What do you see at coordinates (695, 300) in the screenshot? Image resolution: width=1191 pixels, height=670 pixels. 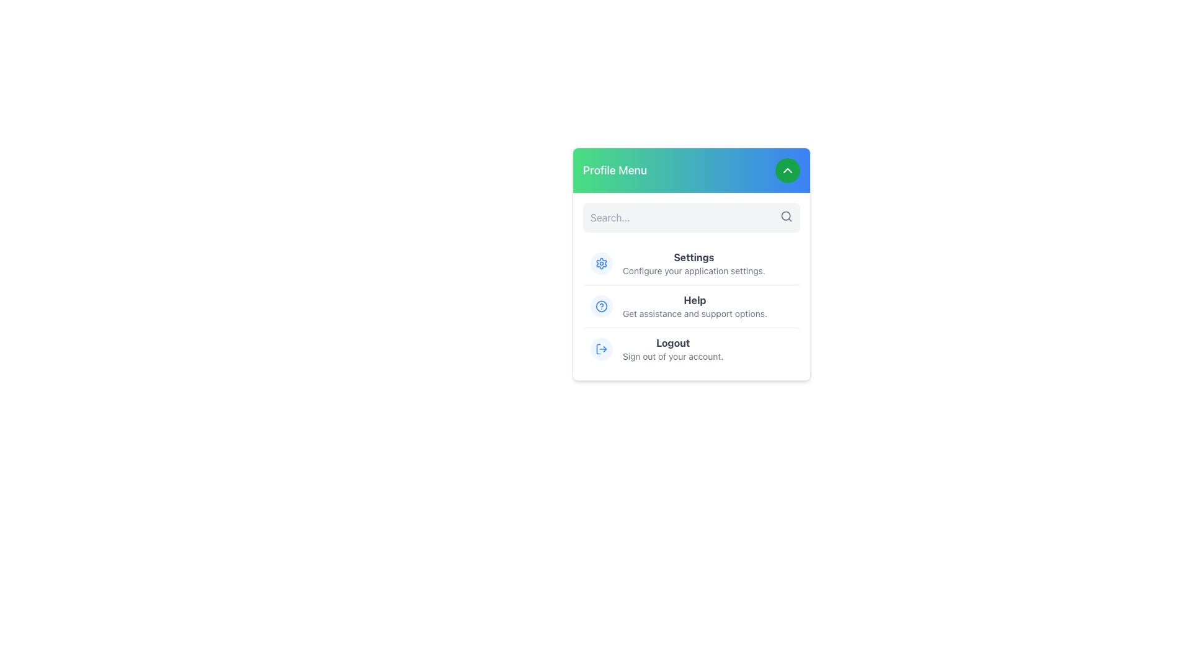 I see `the Help section text label, which is the second item below the Profile Menu heading, serving as a visual anchor for assistance options` at bounding box center [695, 300].